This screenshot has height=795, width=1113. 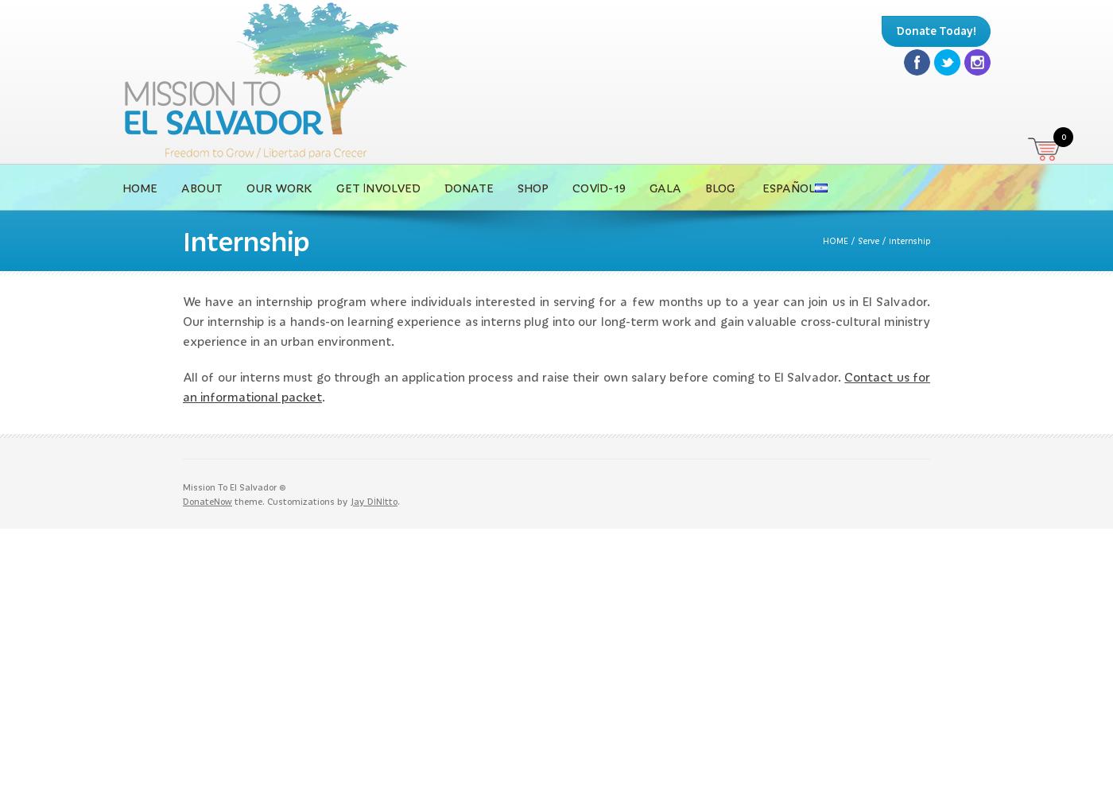 What do you see at coordinates (556, 385) in the screenshot?
I see `'Contact us for an informational packet'` at bounding box center [556, 385].